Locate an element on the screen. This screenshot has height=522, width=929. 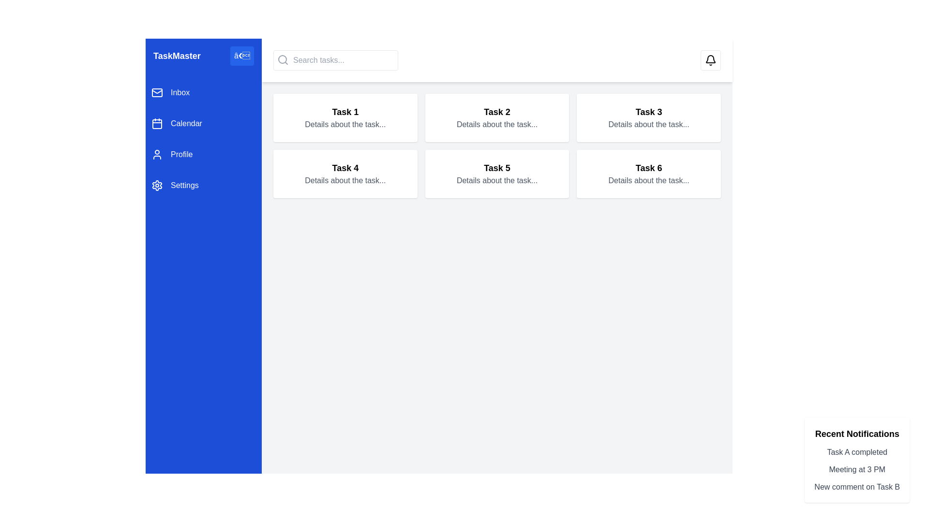
the navigation button for the calendar functionality, which is the second entry in the vertical navigation menu is located at coordinates (203, 123).